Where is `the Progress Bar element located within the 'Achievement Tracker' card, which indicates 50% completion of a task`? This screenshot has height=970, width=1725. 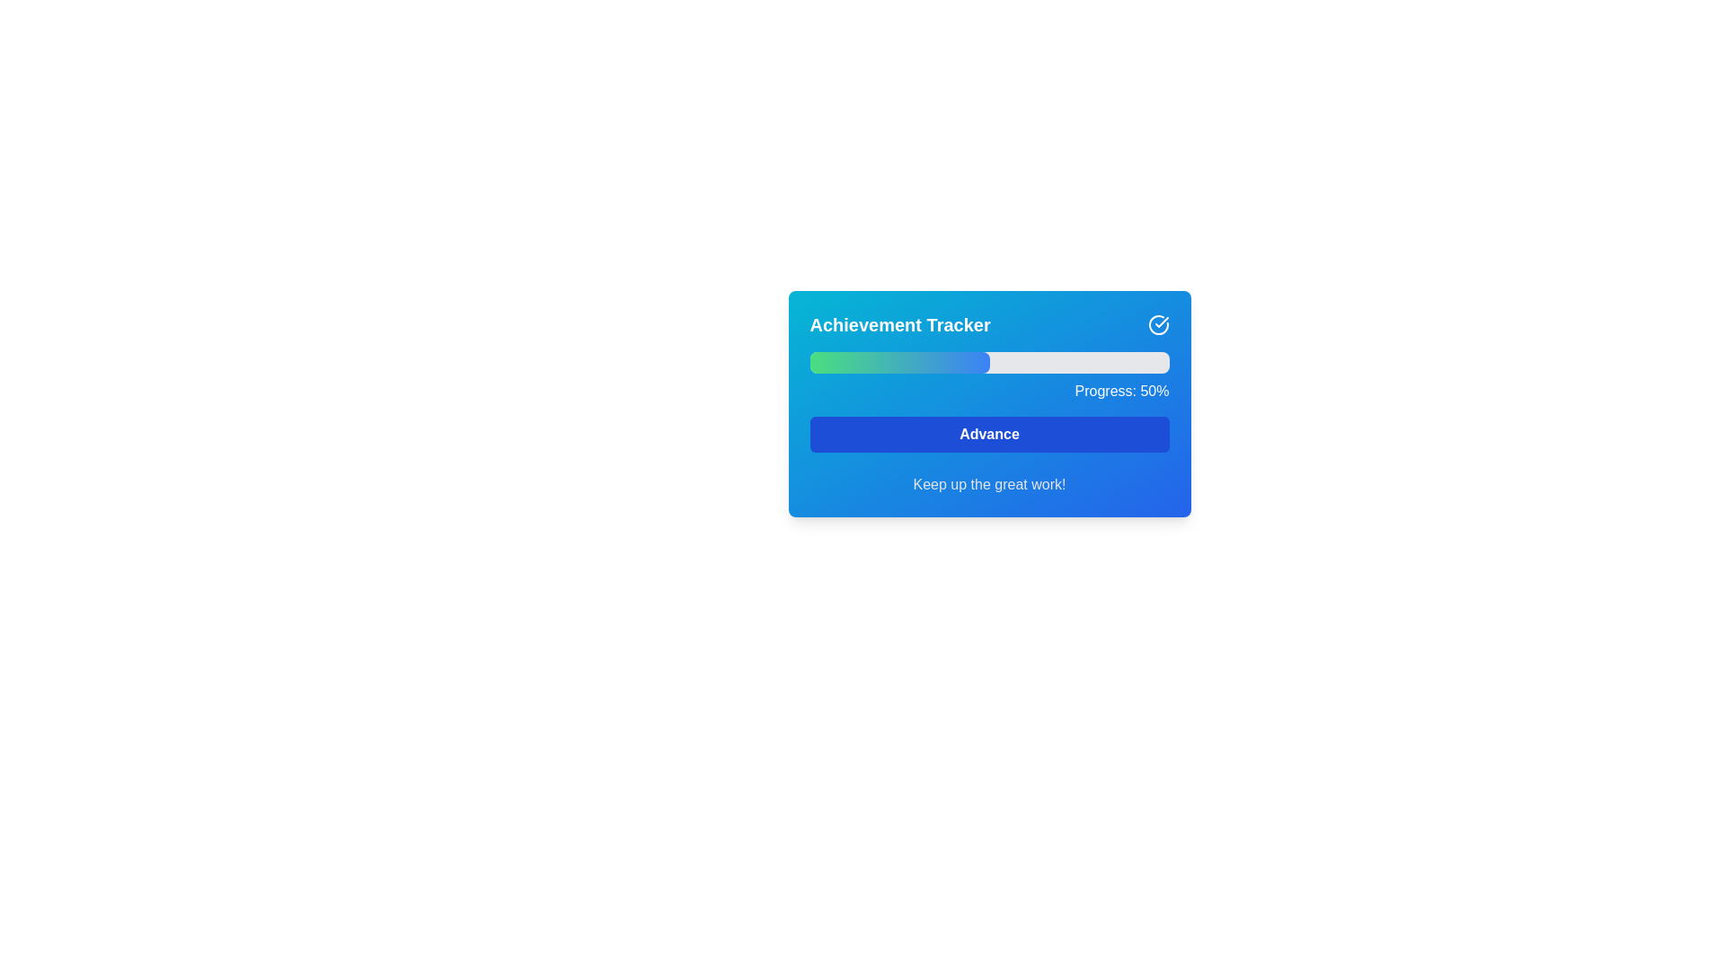 the Progress Bar element located within the 'Achievement Tracker' card, which indicates 50% completion of a task is located at coordinates (988, 363).